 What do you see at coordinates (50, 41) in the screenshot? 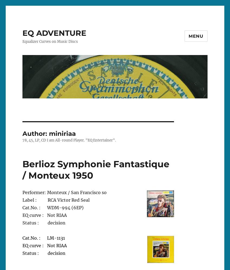
I see `'Equalizer Curves on Music Discs'` at bounding box center [50, 41].